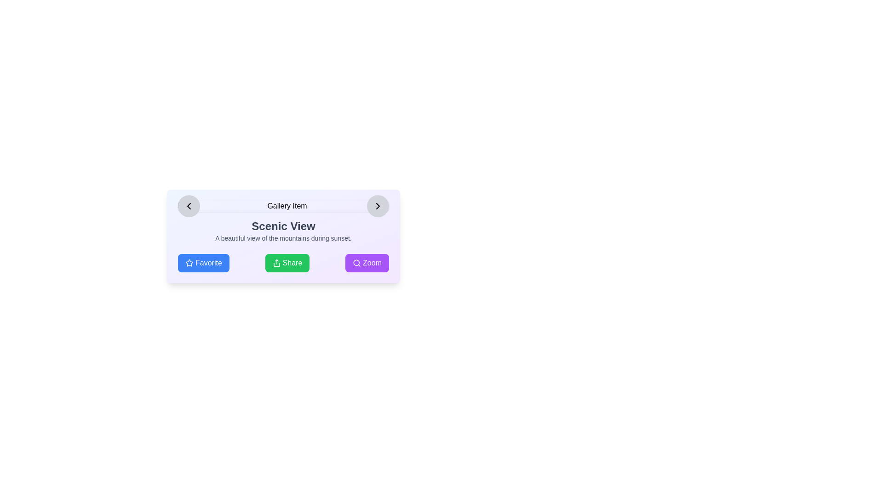 The width and height of the screenshot is (883, 496). Describe the element at coordinates (378, 205) in the screenshot. I see `the rightward chevron icon located in the top-right circular button of the card displaying 'Scenic View'` at that location.